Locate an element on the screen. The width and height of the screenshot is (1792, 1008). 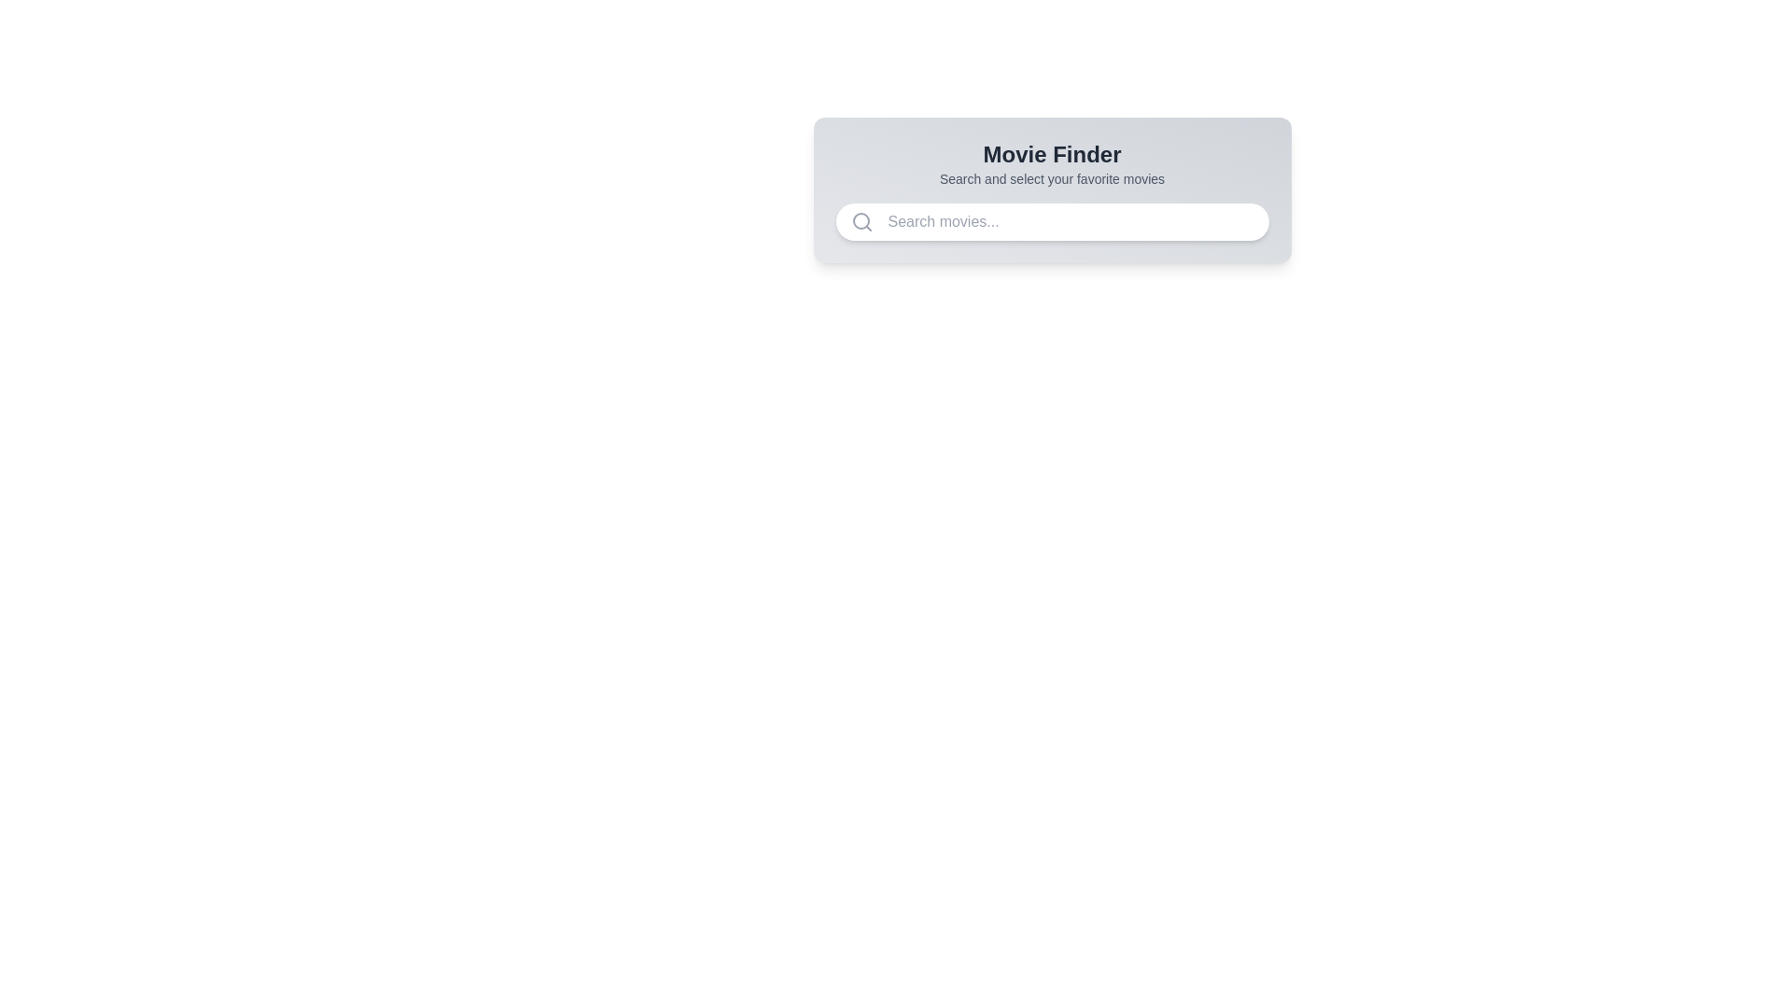
the magnifying glass icon representing the search function, located on the left side of the search bar, to potentially reveal tooltips is located at coordinates (861, 221).